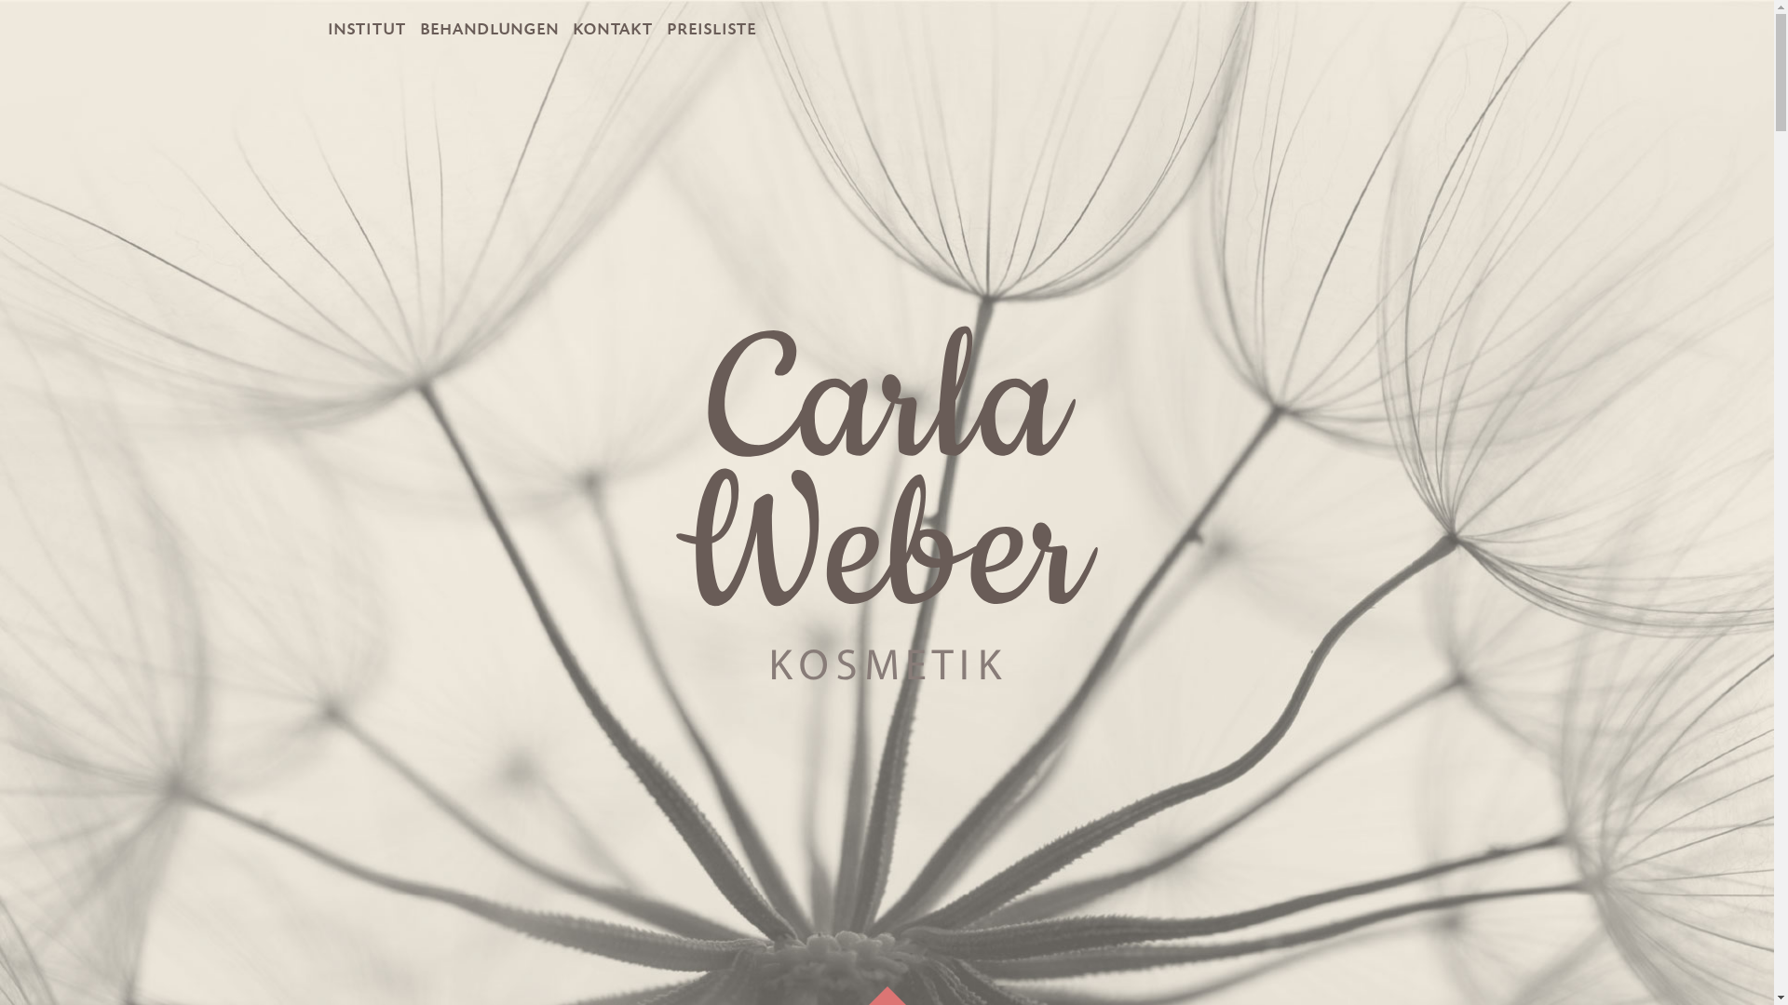 The height and width of the screenshot is (1005, 1788). Describe the element at coordinates (366, 31) in the screenshot. I see `'INSTITUT'` at that location.